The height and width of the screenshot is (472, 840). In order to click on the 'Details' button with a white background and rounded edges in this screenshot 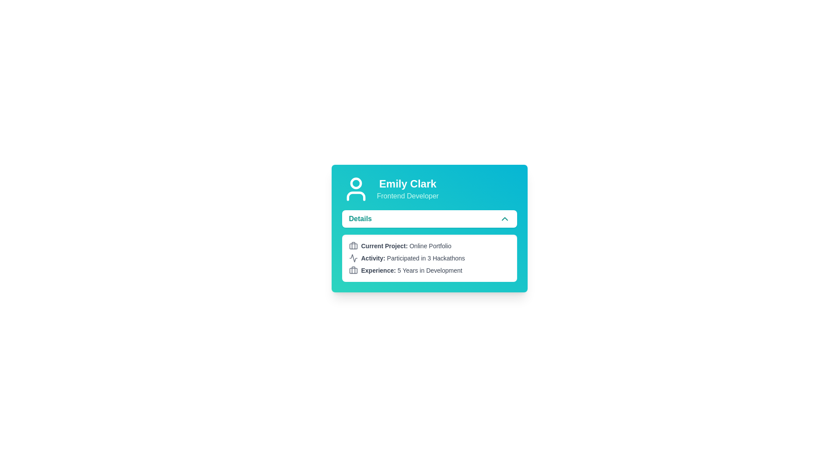, I will do `click(429, 219)`.